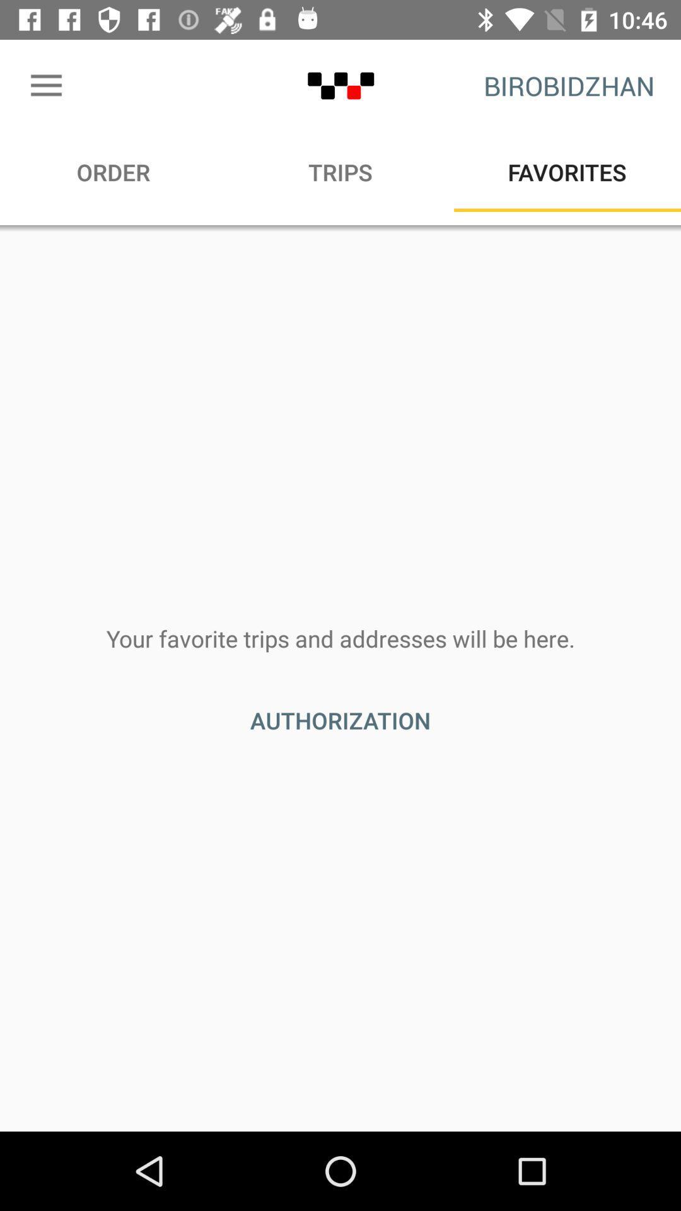 The image size is (681, 1211). I want to click on the birobidzhan, so click(569, 85).